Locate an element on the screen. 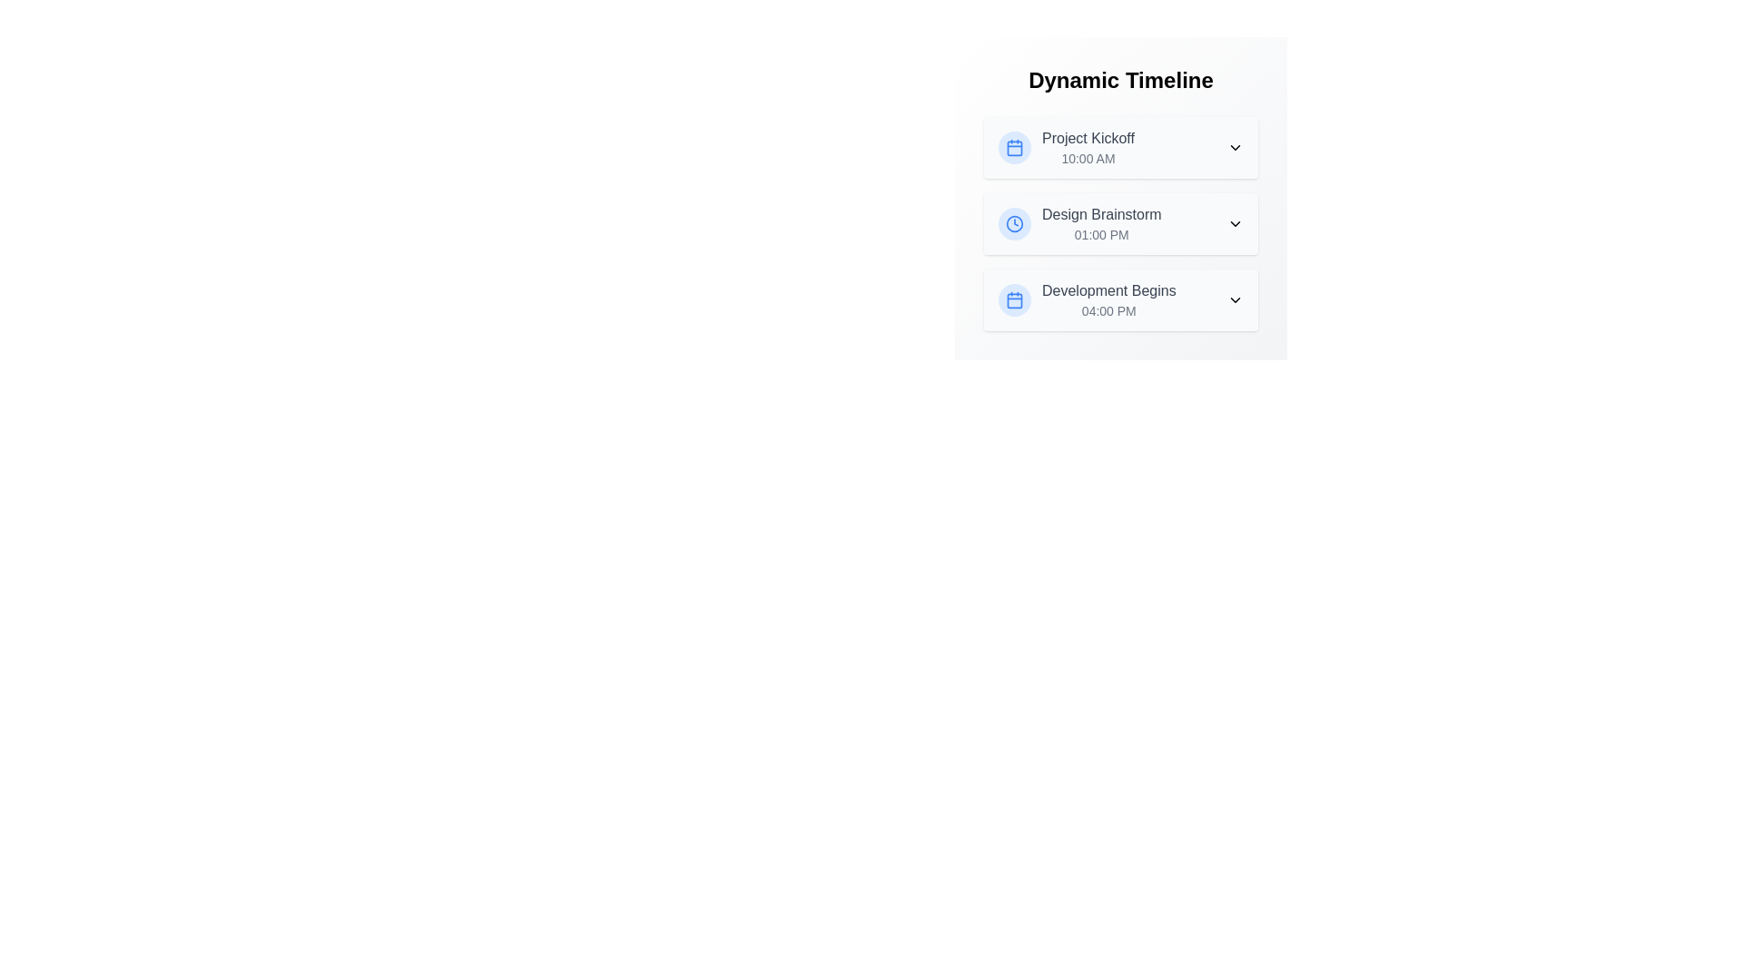 Image resolution: width=1743 pixels, height=980 pixels. the calendar icon representing the 'Project Kickoff' event in the Dynamic Timeline list, which is located to the left of the text 'Project Kickoff' and above the time label '10:00 AM' is located at coordinates (1014, 146).